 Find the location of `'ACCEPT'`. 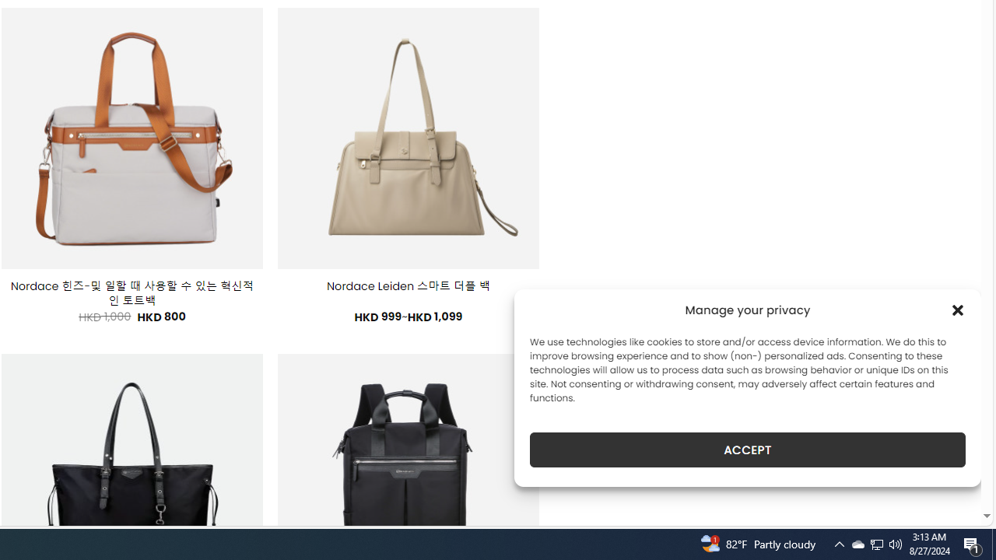

'ACCEPT' is located at coordinates (748, 450).